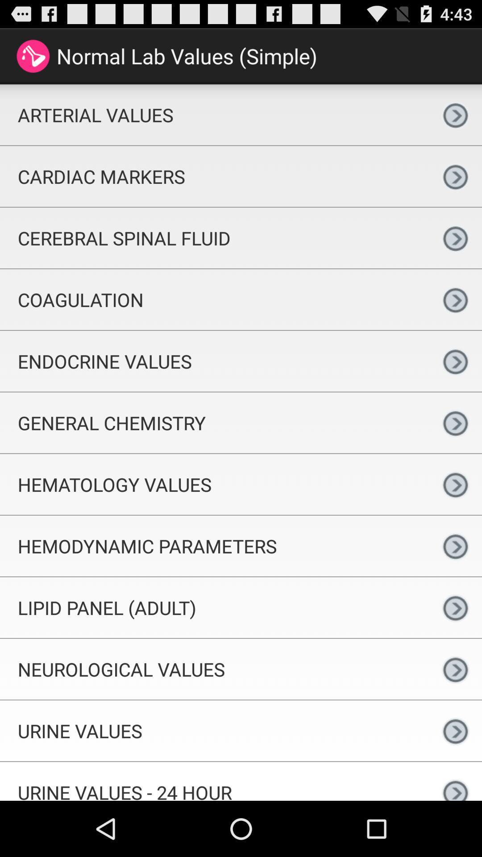  Describe the element at coordinates (214, 361) in the screenshot. I see `the item below coagulation` at that location.